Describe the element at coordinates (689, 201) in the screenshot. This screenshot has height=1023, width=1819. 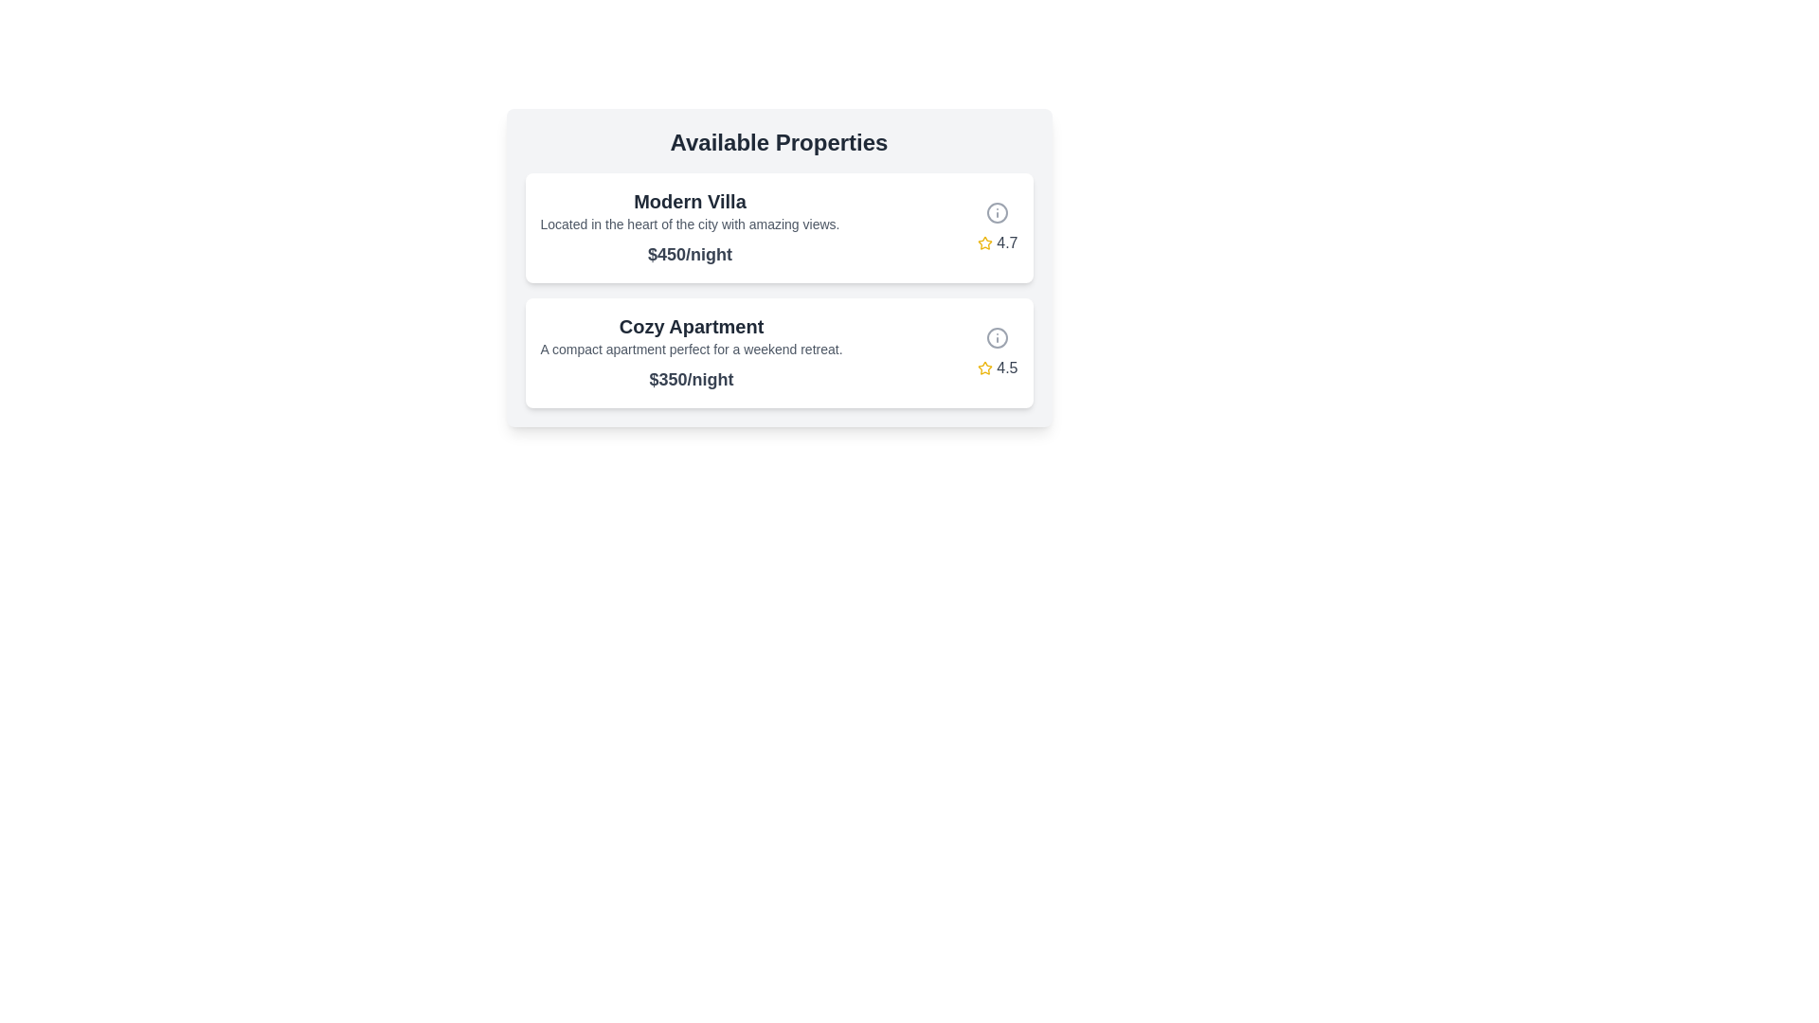
I see `the text label 'Modern Villa', which is the main title of a property card displayed in bold and larger serif font, colored dark gray, and located at the top of a list of property options` at that location.